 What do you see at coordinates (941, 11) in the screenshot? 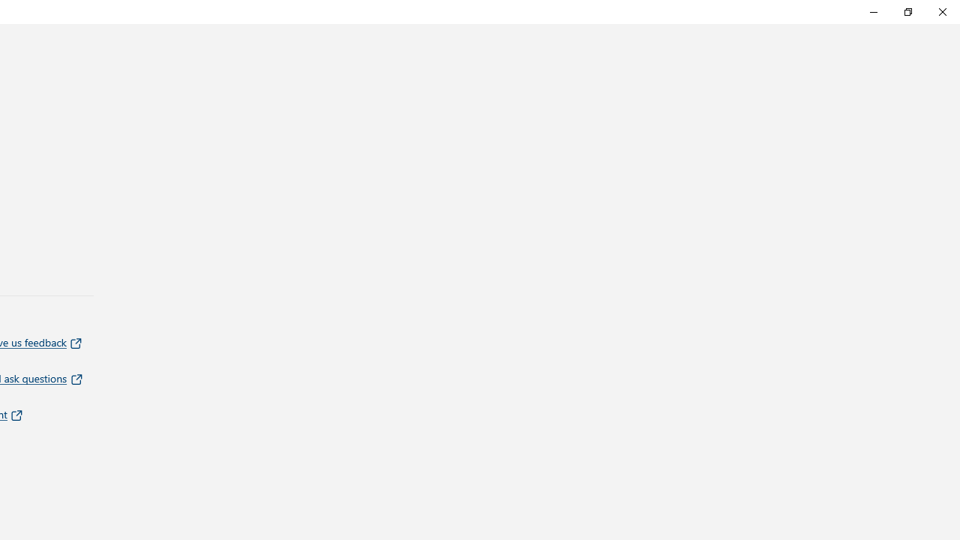
I see `'Close Feedback Hub'` at bounding box center [941, 11].